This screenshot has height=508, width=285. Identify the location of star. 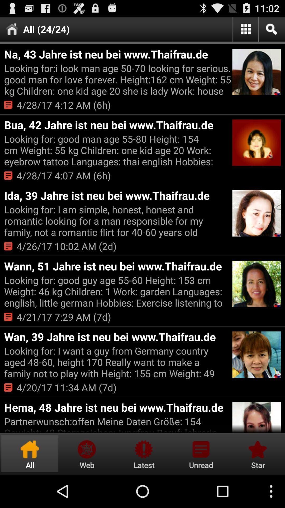
(257, 453).